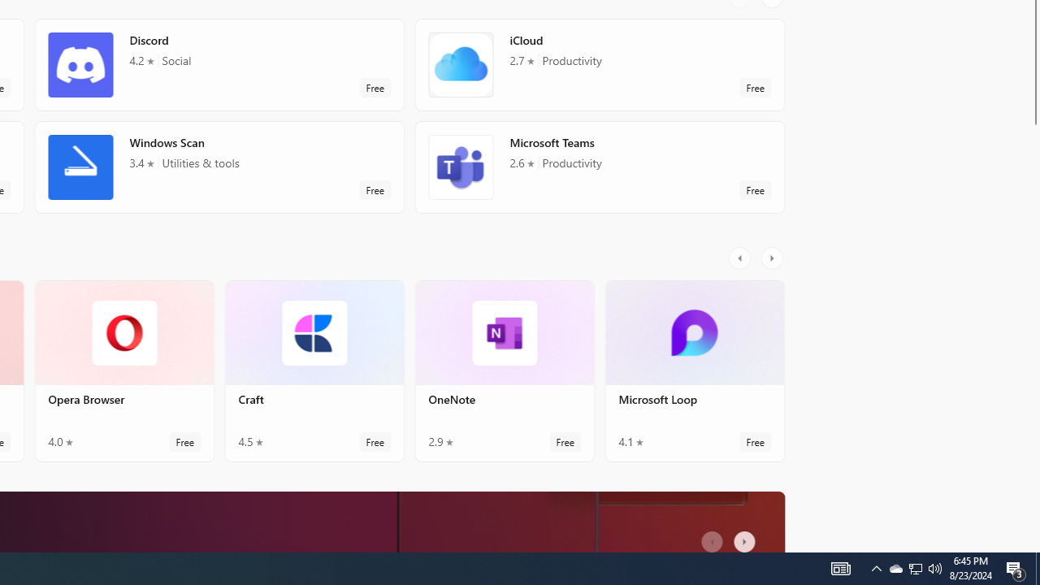  What do you see at coordinates (1033, 546) in the screenshot?
I see `'Vertical Small Increase'` at bounding box center [1033, 546].